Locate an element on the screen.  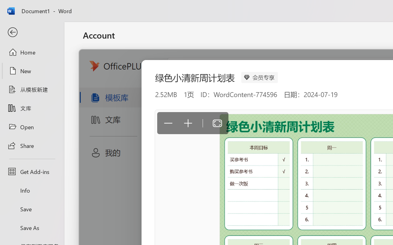
'Save As' is located at coordinates (32, 228).